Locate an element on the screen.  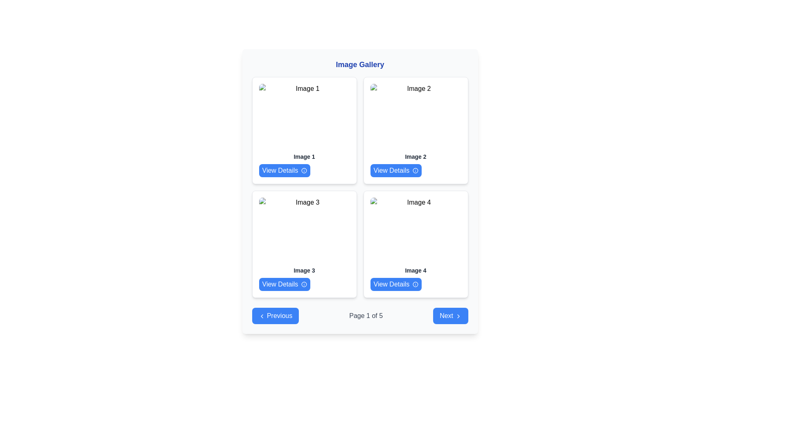
image source of the image element with placeholder text '1' located in the first card of the grid gallery layout, positioned above the title 'Image 1' and the 'View Details' button is located at coordinates (304, 117).